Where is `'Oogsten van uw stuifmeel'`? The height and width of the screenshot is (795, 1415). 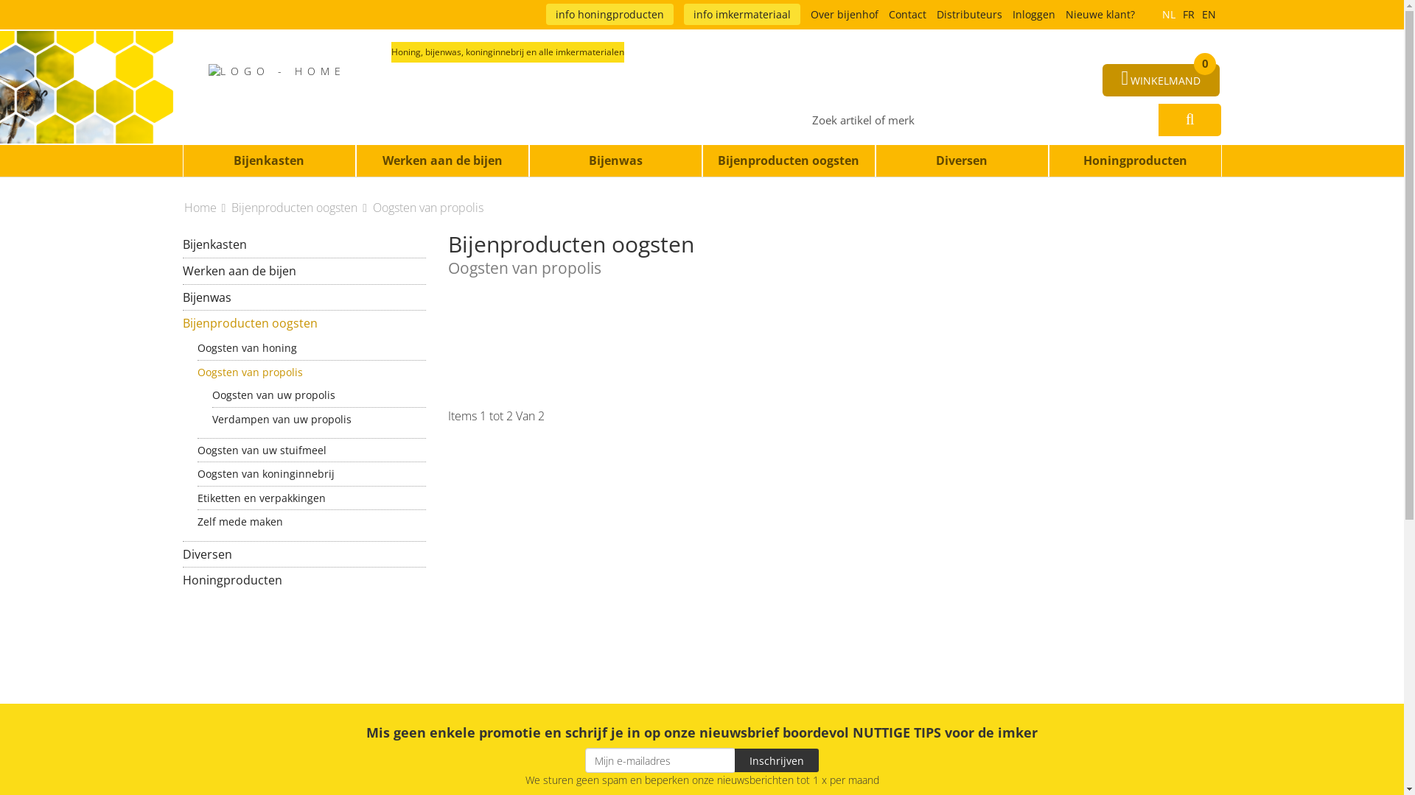 'Oogsten van uw stuifmeel' is located at coordinates (310, 449).